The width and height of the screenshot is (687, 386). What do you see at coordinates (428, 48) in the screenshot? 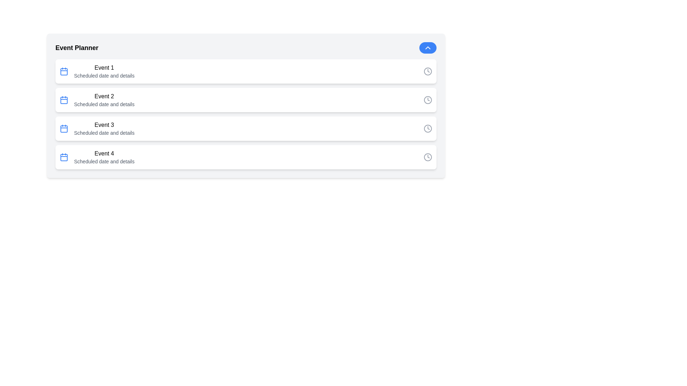
I see `the keyboard navigation on the upward chevron icon located in the rounded button with a blue background at the upper-right corner of the 'Event Planner' section` at bounding box center [428, 48].